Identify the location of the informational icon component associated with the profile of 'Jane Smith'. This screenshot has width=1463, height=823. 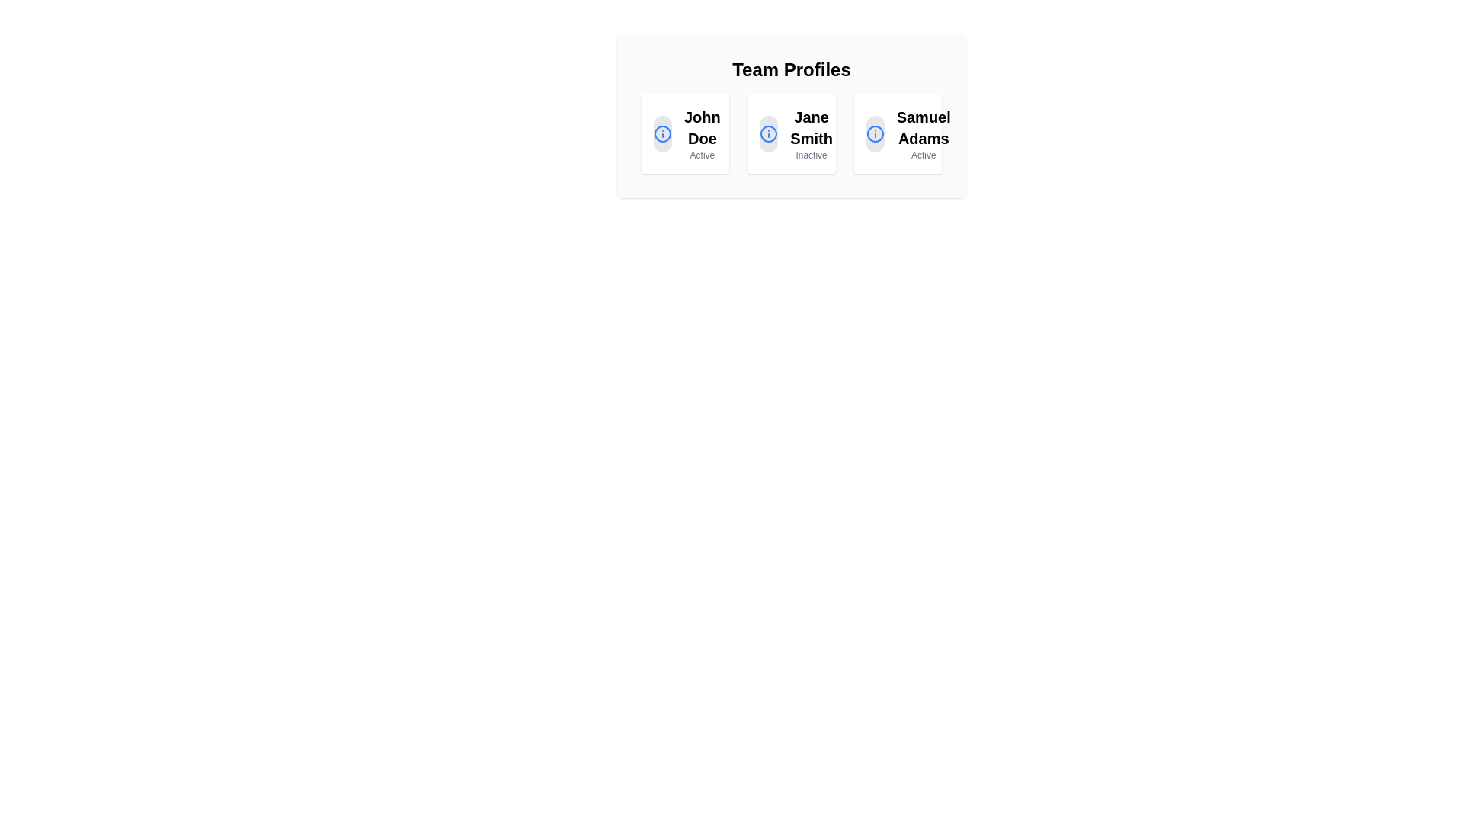
(769, 133).